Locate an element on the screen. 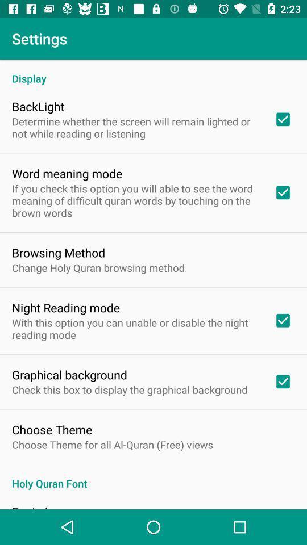 Image resolution: width=307 pixels, height=545 pixels. item below the holy quran font icon is located at coordinates (36, 505).